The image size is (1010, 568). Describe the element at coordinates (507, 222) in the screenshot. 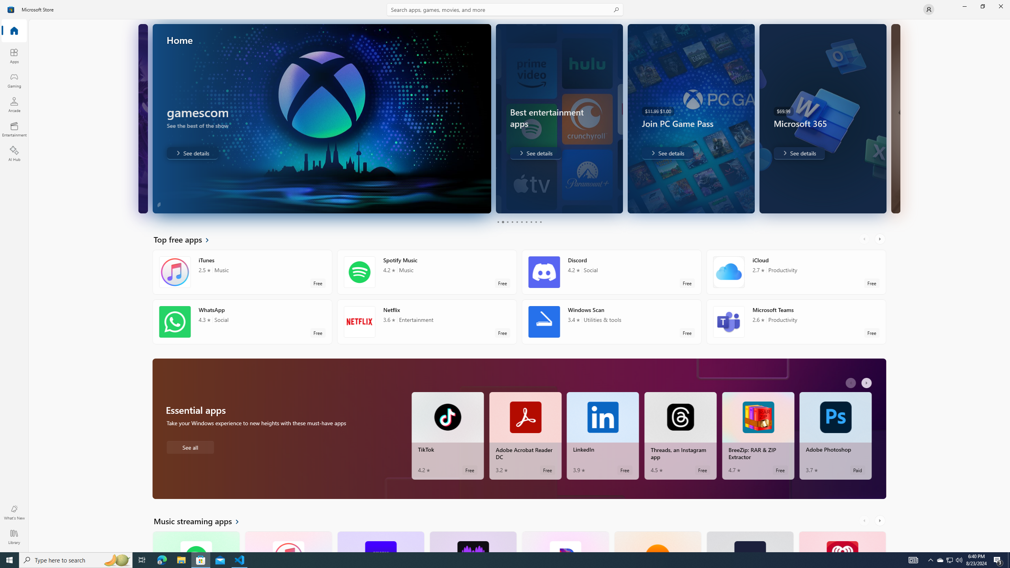

I see `'Page 3'` at that location.